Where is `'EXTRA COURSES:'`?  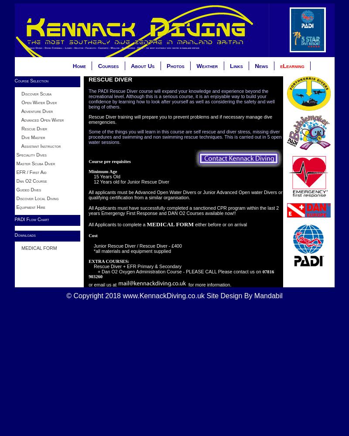 'EXTRA COURSES:' is located at coordinates (108, 260).